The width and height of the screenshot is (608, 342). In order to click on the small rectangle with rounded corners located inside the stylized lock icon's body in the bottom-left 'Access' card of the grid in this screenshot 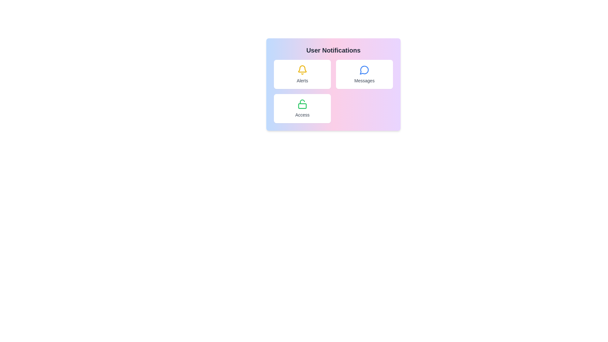, I will do `click(302, 106)`.